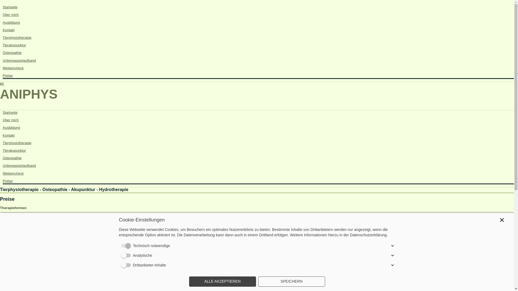 This screenshot has width=518, height=291. What do you see at coordinates (9, 135) in the screenshot?
I see `'Kontakt'` at bounding box center [9, 135].